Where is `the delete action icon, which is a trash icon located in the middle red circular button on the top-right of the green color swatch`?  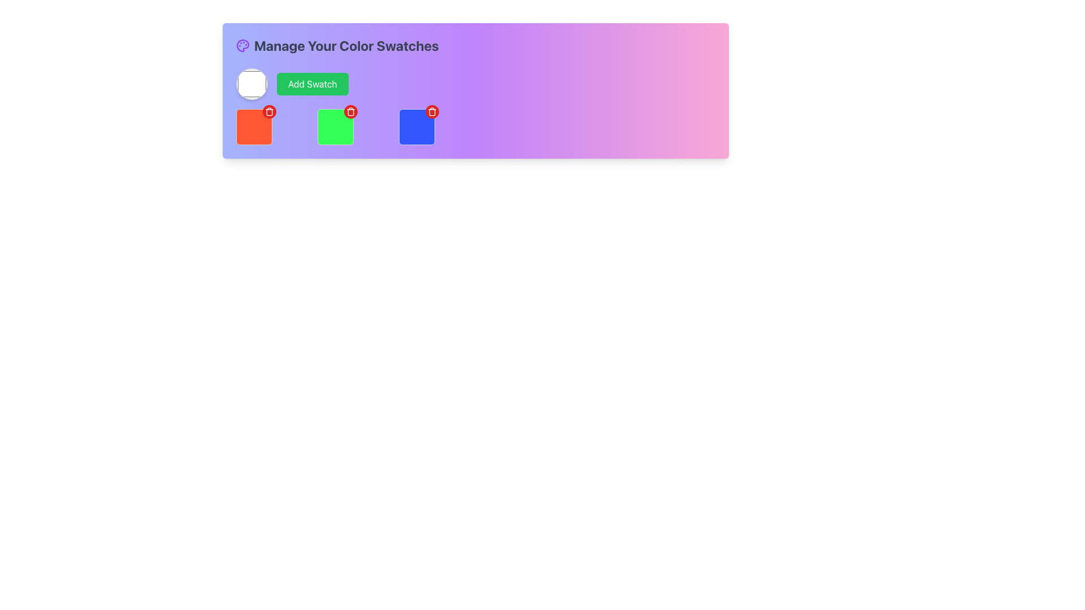 the delete action icon, which is a trash icon located in the middle red circular button on the top-right of the green color swatch is located at coordinates (350, 111).